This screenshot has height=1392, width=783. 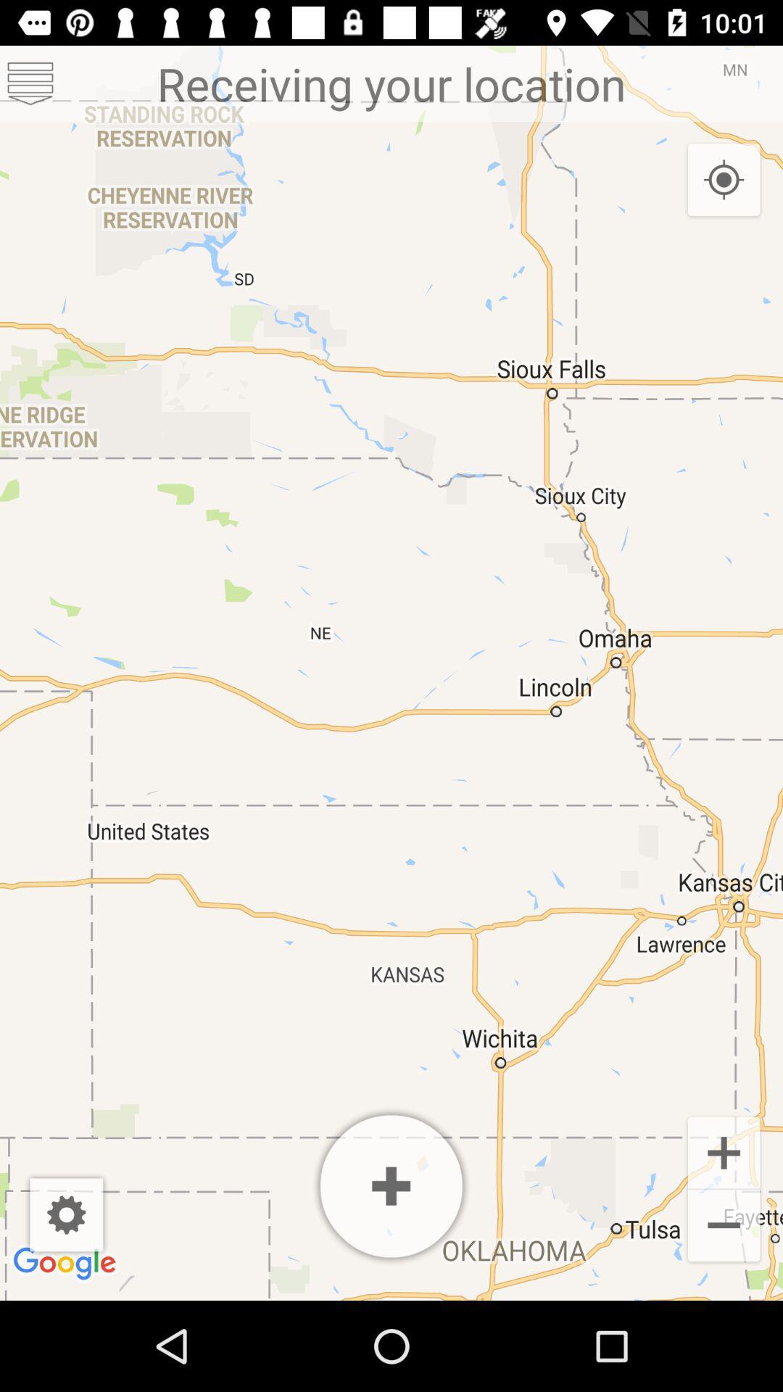 What do you see at coordinates (30, 83) in the screenshot?
I see `settings option` at bounding box center [30, 83].